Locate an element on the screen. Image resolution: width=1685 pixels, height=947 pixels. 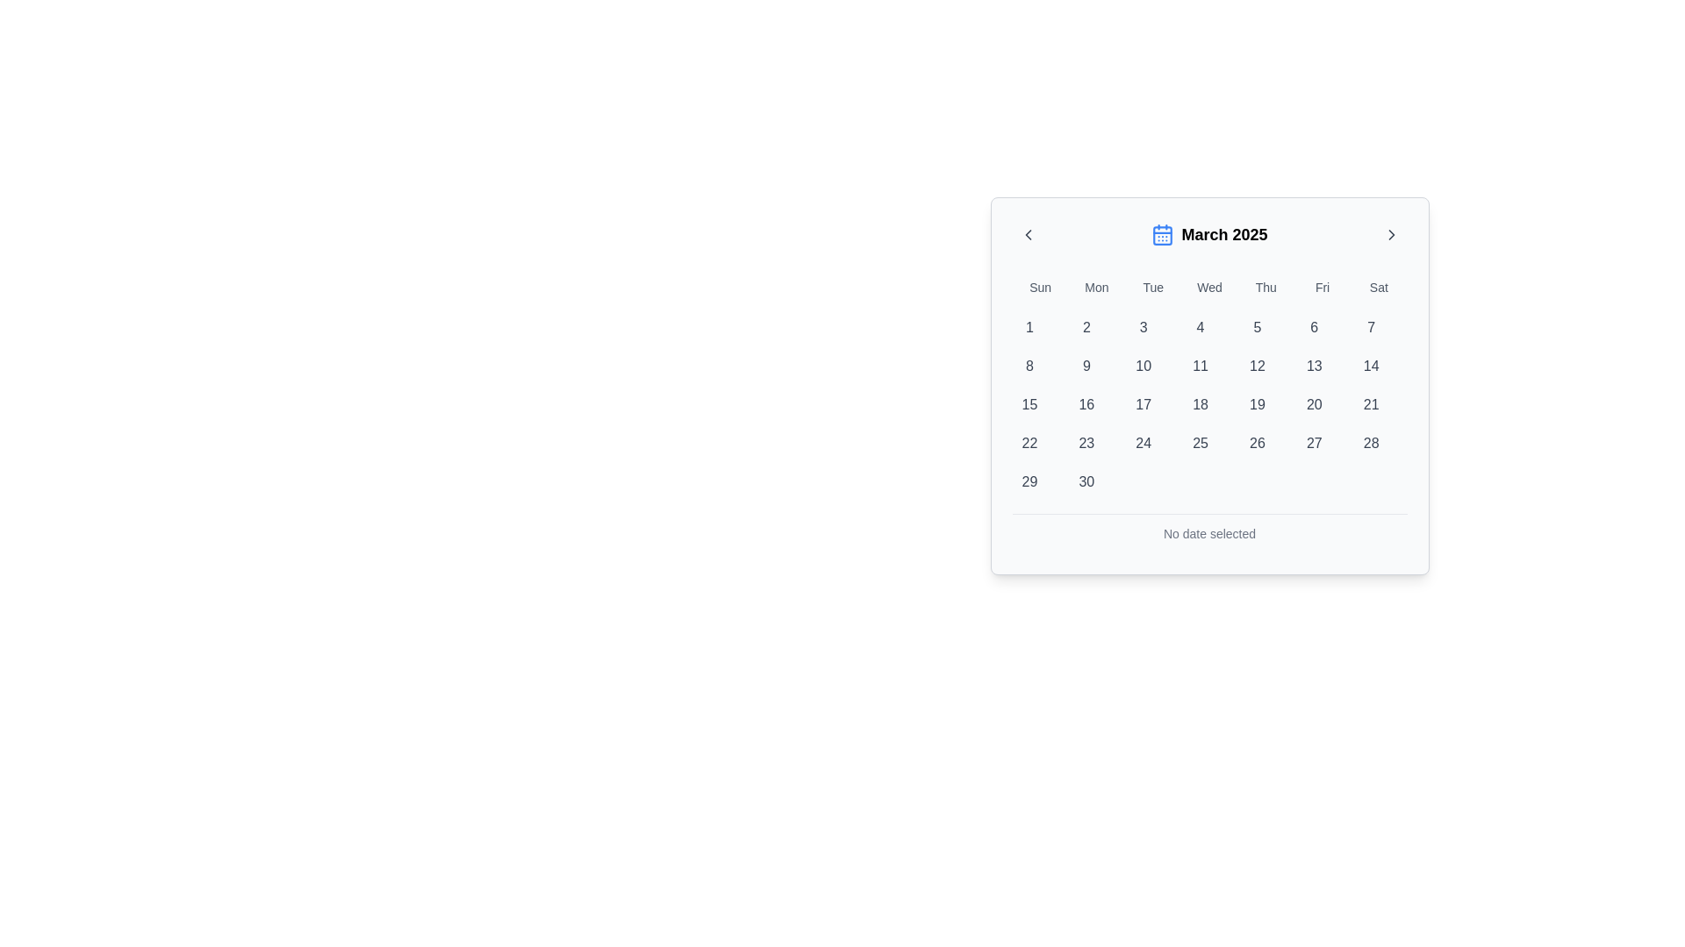
the circular button containing the number '17' in dark gray color, located in the third row and third column of the grid calendar for March 2025, beneath the weekday header 'Tue' is located at coordinates (1144, 405).